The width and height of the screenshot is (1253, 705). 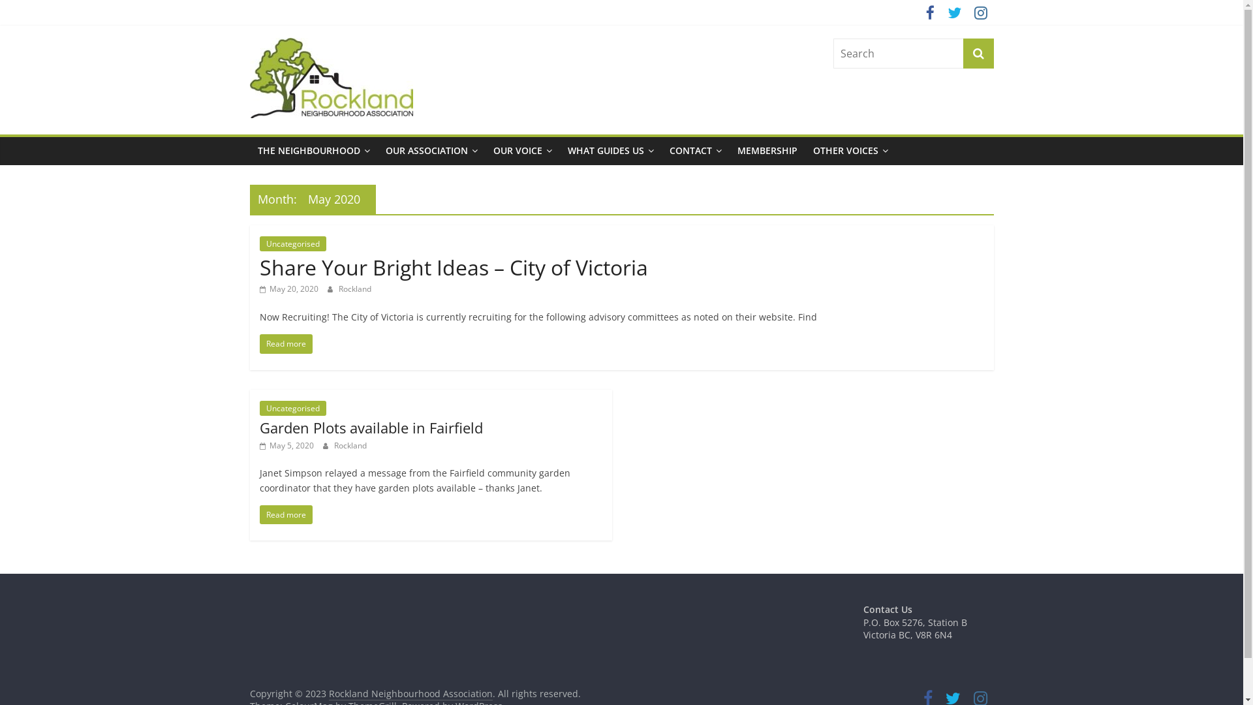 What do you see at coordinates (285, 343) in the screenshot?
I see `'Read more'` at bounding box center [285, 343].